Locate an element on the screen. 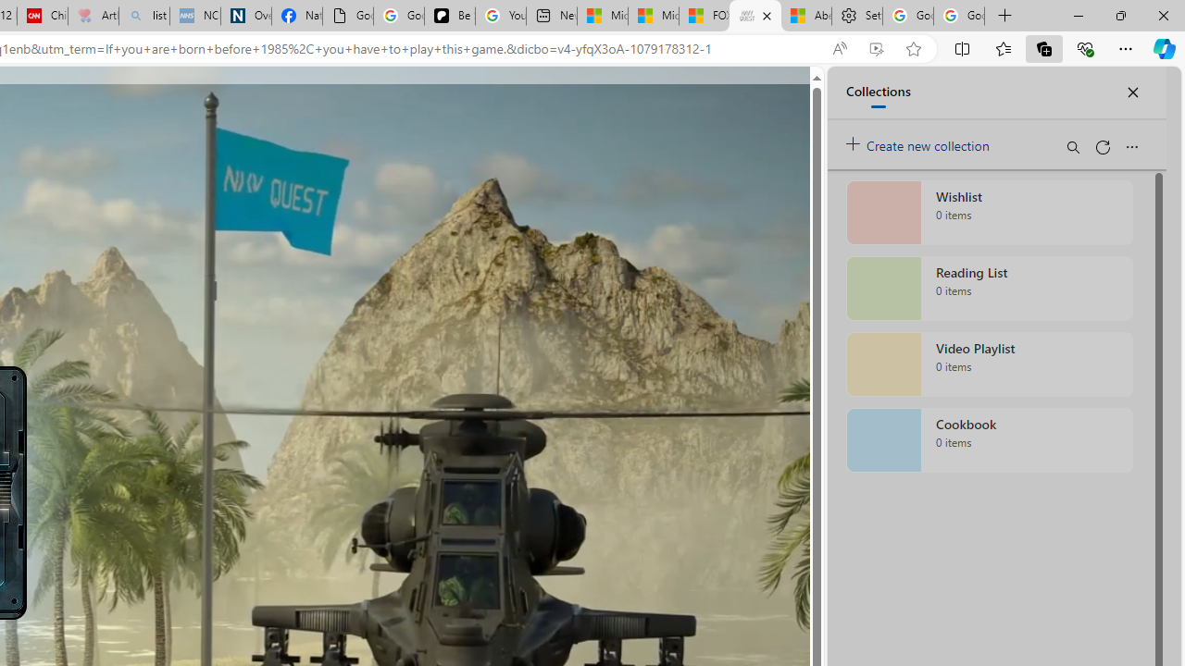 This screenshot has width=1185, height=666. 'list of asthma inhalers uk - Search - Sleeping' is located at coordinates (143, 16).